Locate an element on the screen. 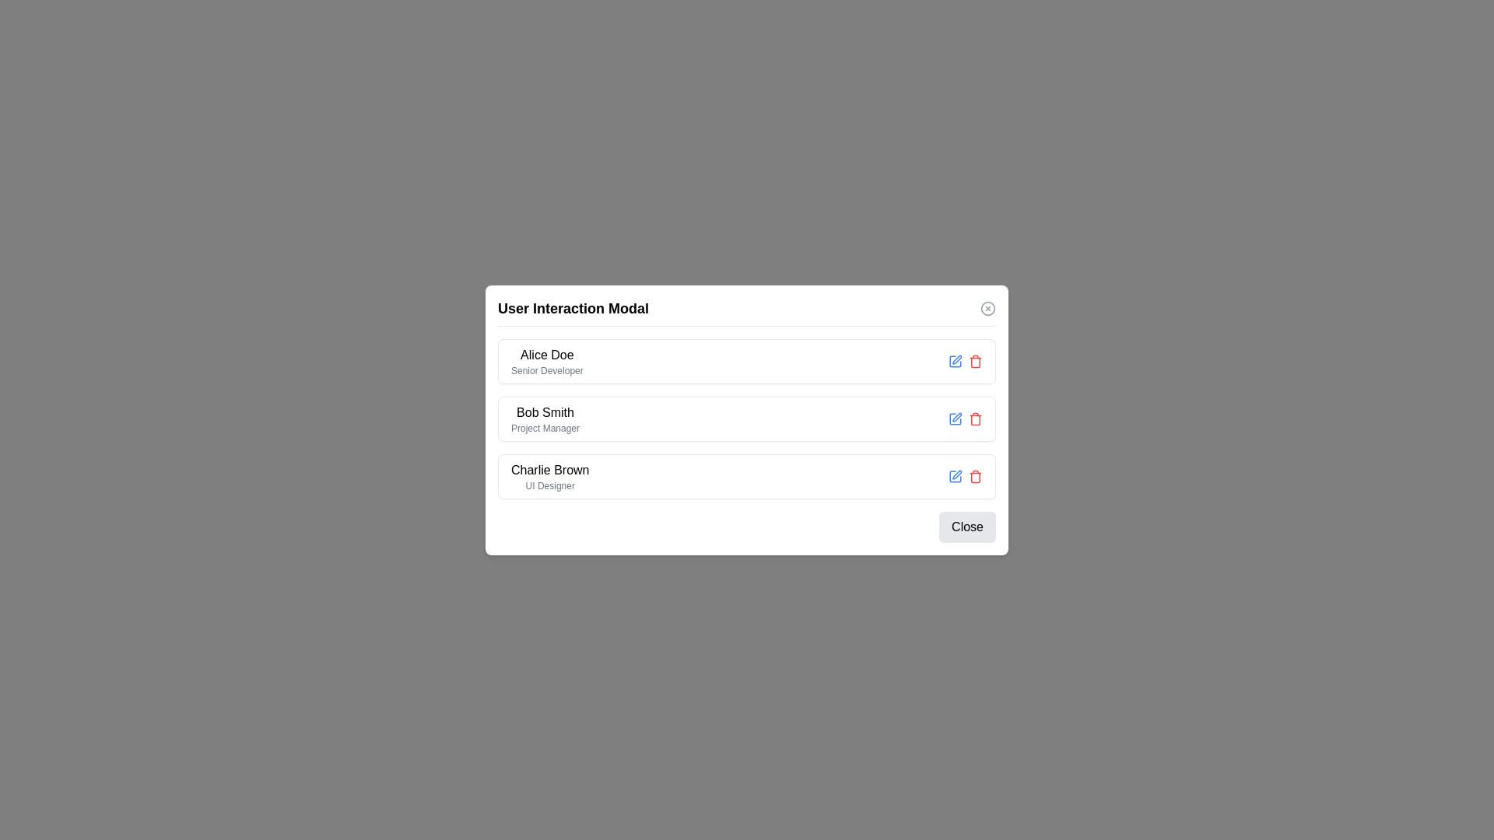  the red trash can icon in the top-right of the 'User Interaction Modal' is located at coordinates (974, 361).